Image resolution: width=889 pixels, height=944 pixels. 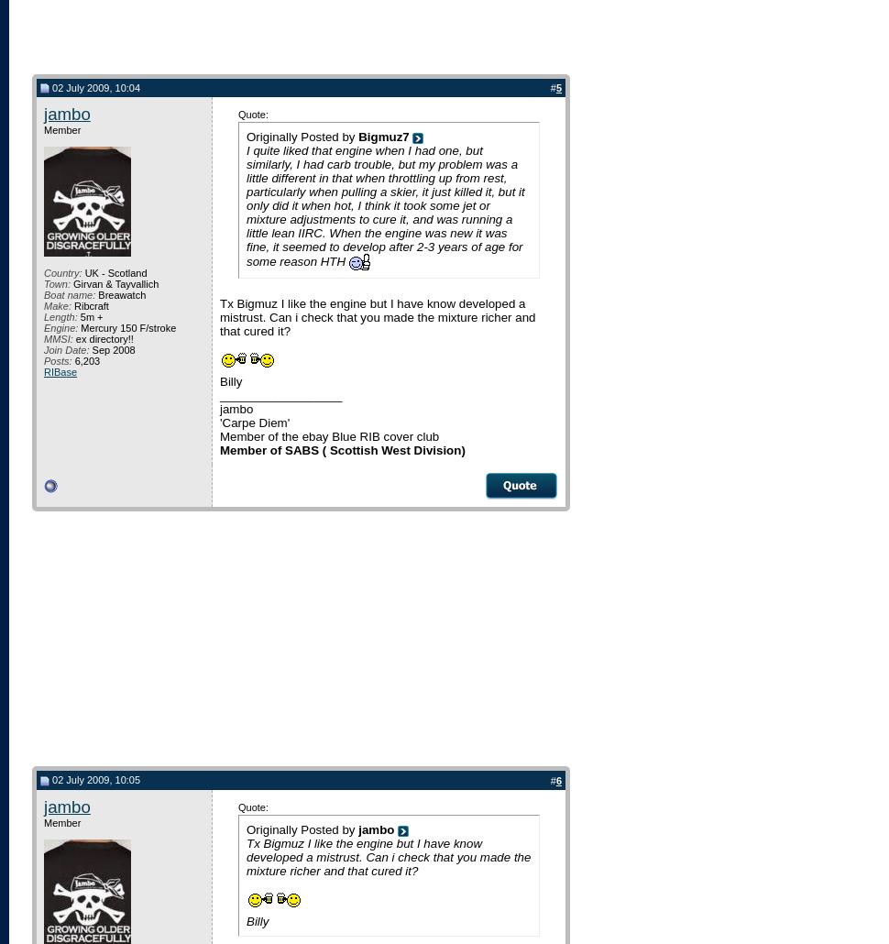 I want to click on 'Country:', so click(x=61, y=271).